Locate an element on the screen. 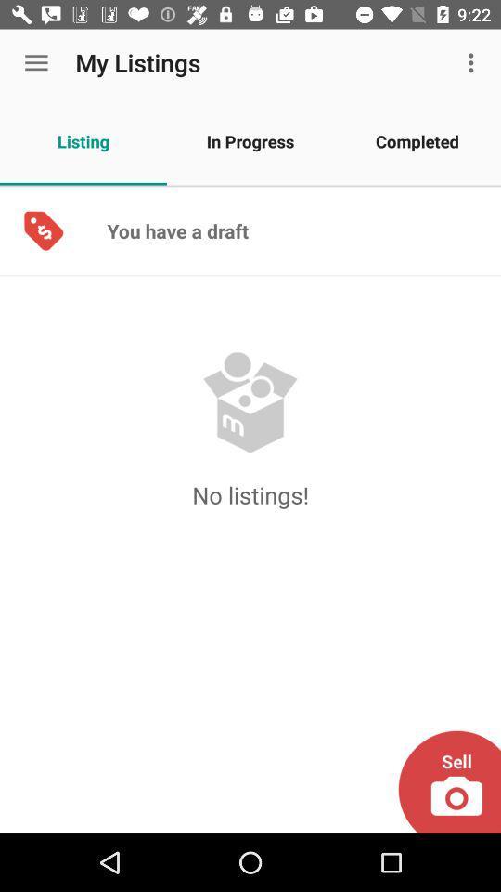 The image size is (501, 892). in progress is located at coordinates (250, 140).